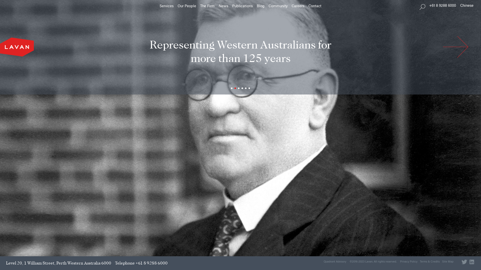 The image size is (481, 270). What do you see at coordinates (159, 6) in the screenshot?
I see `'Services'` at bounding box center [159, 6].